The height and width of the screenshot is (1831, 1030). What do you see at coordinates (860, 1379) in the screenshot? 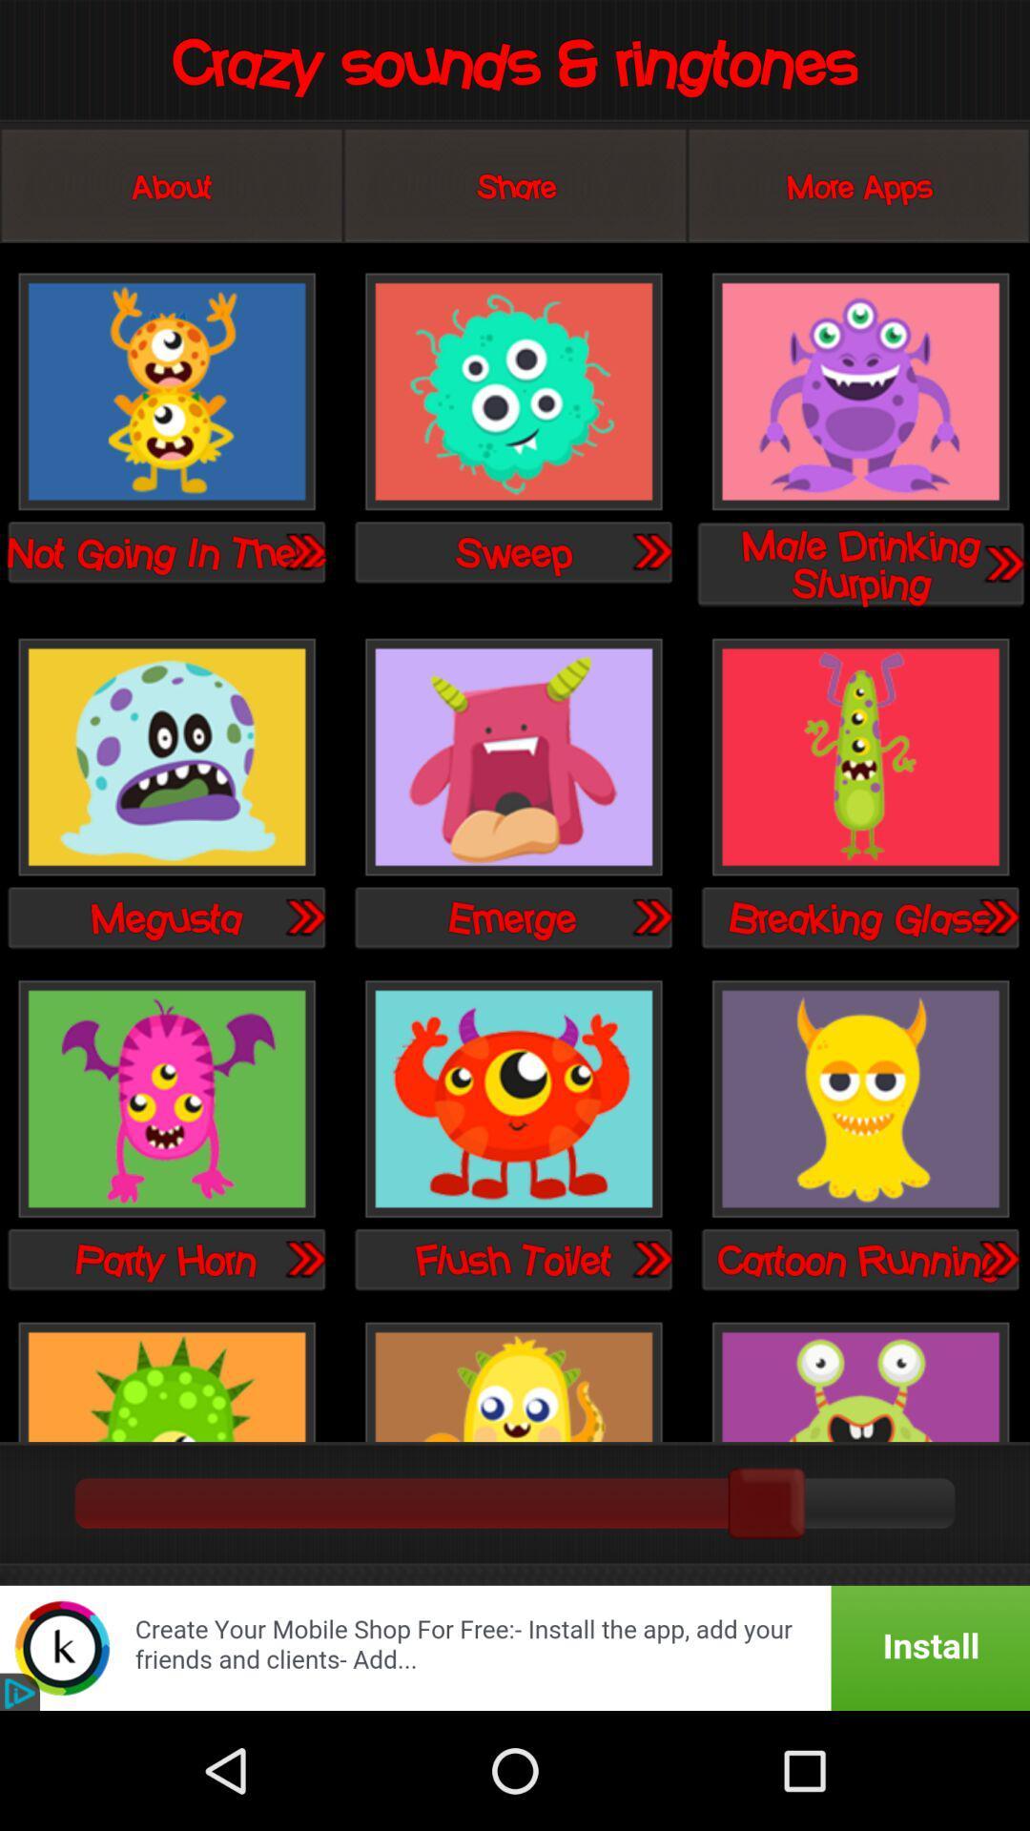
I see `its the crazy one` at bounding box center [860, 1379].